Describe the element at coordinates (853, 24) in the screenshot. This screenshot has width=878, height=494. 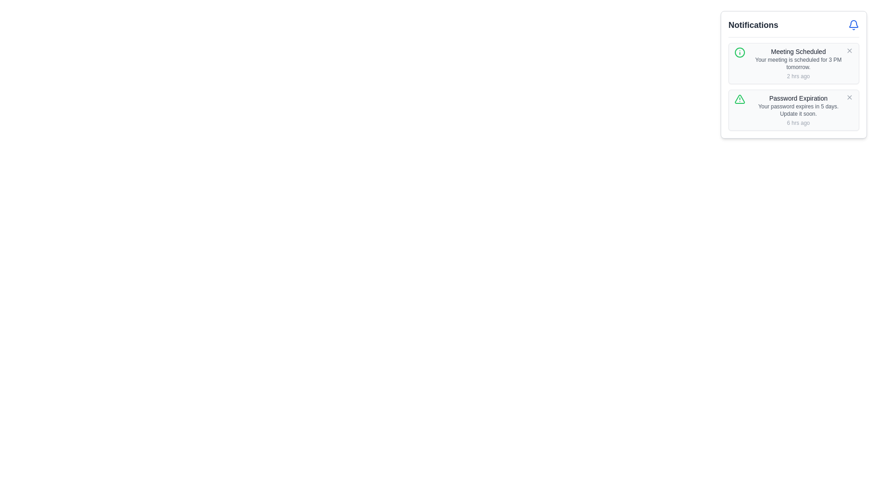
I see `details of the blue bell-shaped notification icon located at the far-right side of the notification section's header` at that location.